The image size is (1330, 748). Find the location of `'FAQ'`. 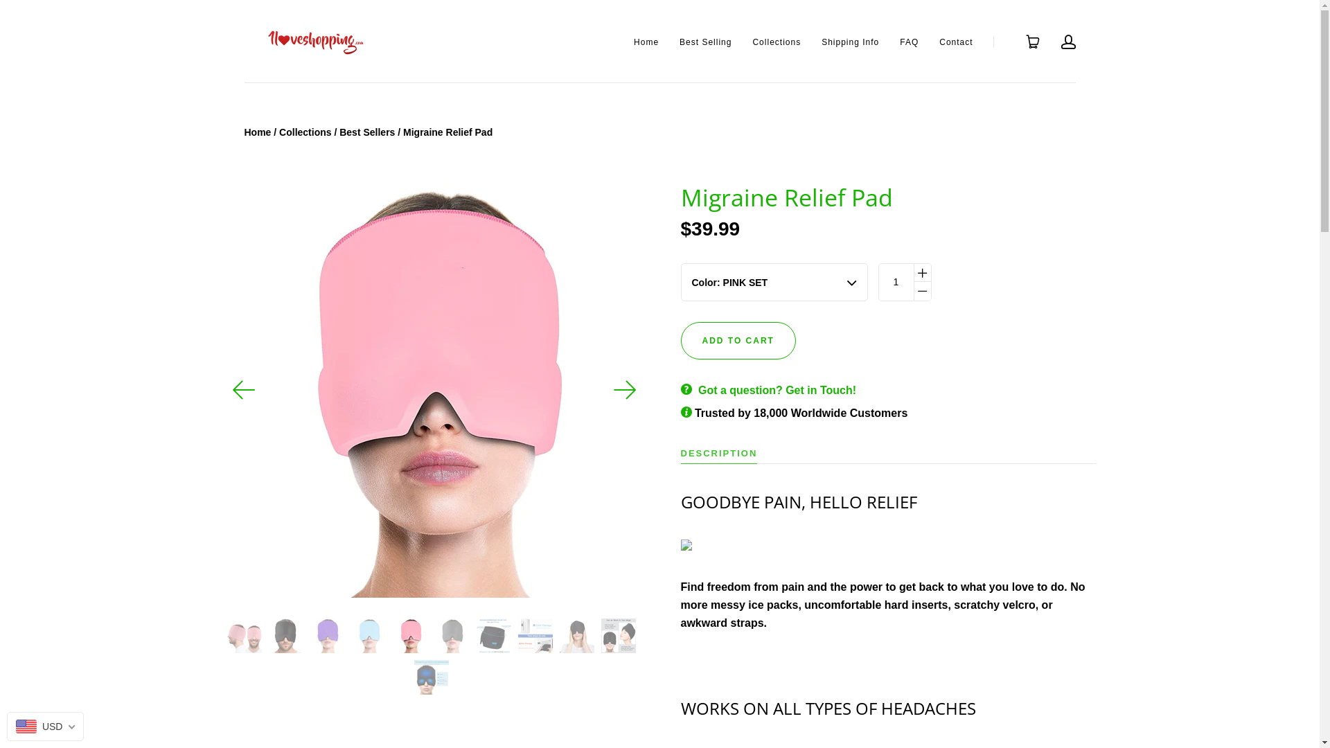

'FAQ' is located at coordinates (909, 42).